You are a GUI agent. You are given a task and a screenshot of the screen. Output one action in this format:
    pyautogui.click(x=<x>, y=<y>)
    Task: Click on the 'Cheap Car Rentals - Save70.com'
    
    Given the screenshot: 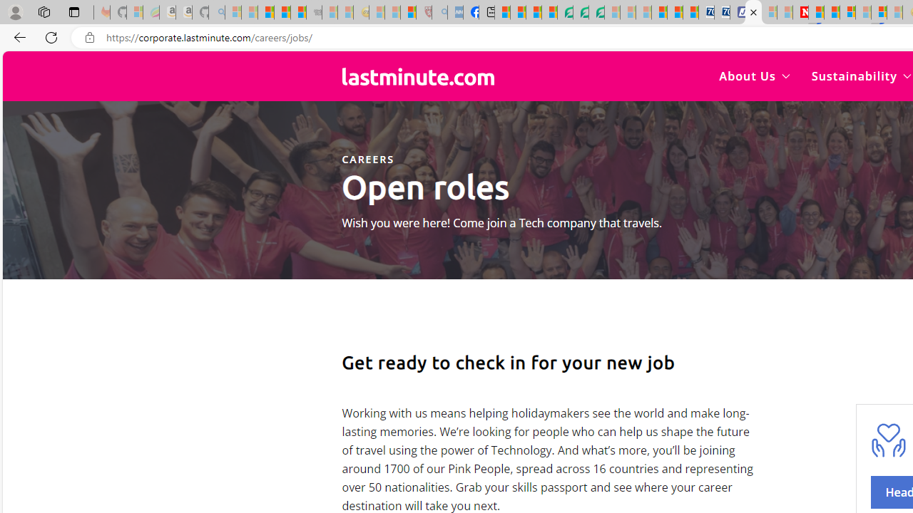 What is the action you would take?
    pyautogui.click(x=706, y=12)
    